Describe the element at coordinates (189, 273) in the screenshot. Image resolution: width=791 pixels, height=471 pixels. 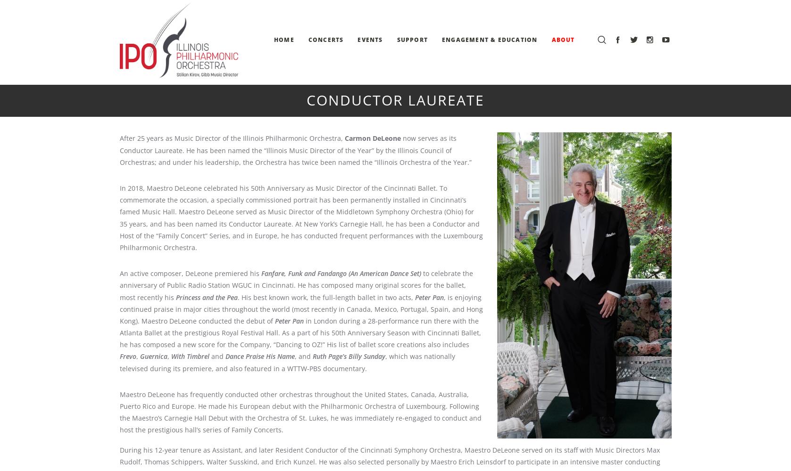
I see `'An active composer, DeLeone premiered his'` at that location.